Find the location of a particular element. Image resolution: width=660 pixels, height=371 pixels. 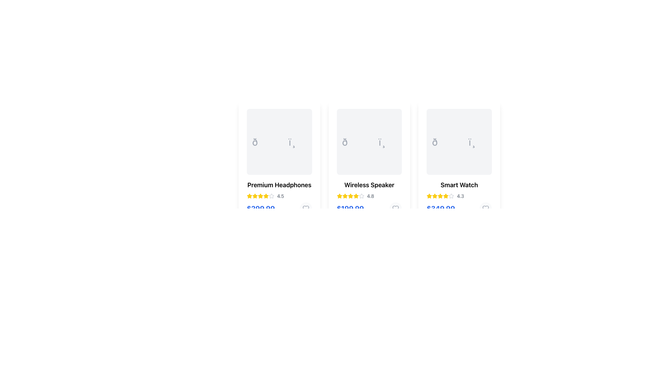

the small circular button with a heart icon, styled as an outlined heart, located at the bottom-right corner of the product card for the Smart Watch is located at coordinates (485, 208).